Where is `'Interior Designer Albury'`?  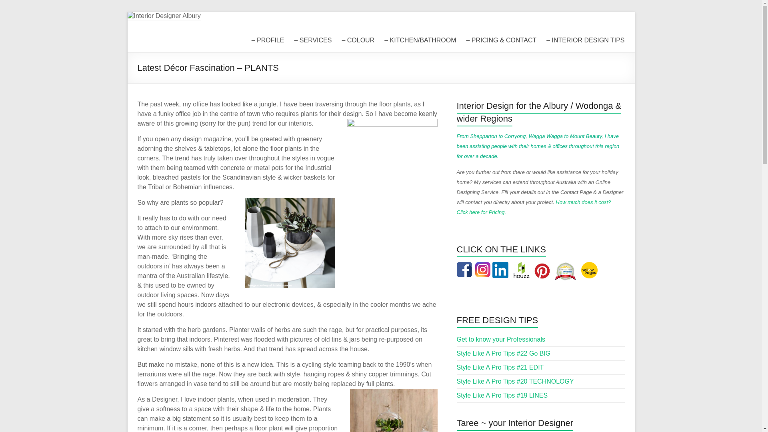 'Interior Designer Albury' is located at coordinates (213, 37).